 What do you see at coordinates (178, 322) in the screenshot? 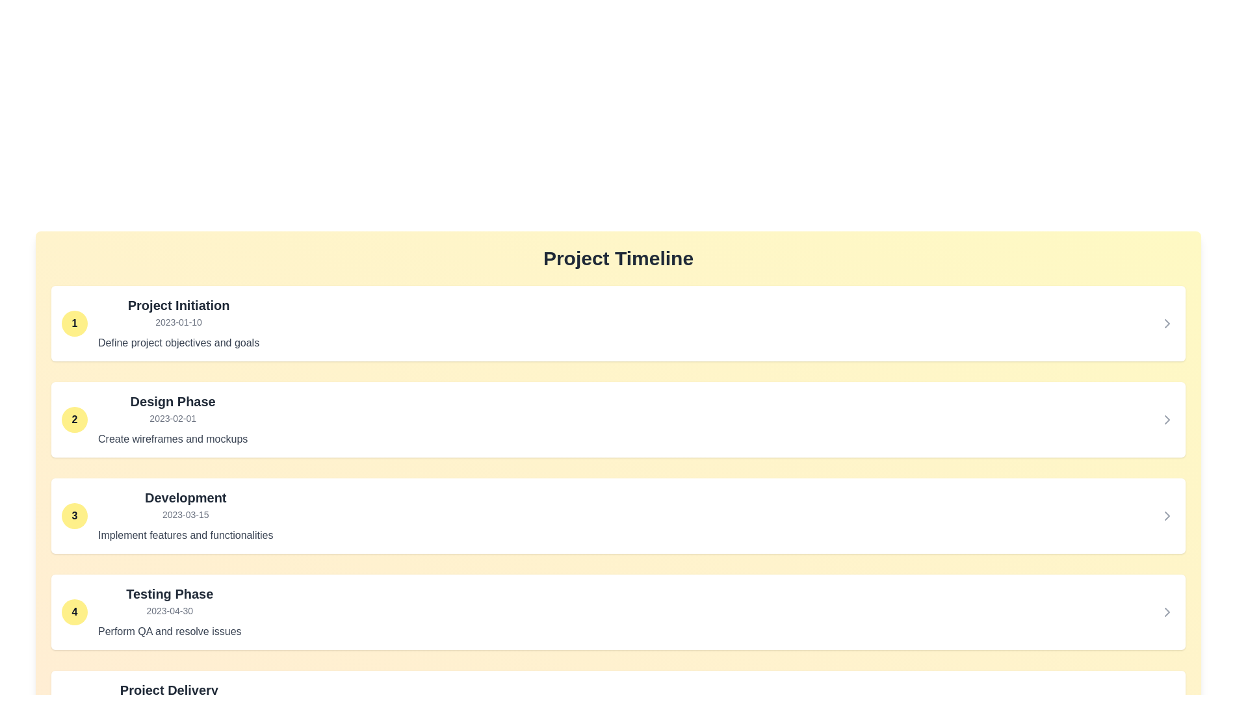
I see `date displayed in the text label located in the 'Project Initiation' section, which is the central smaller text positioned below the section's title` at bounding box center [178, 322].